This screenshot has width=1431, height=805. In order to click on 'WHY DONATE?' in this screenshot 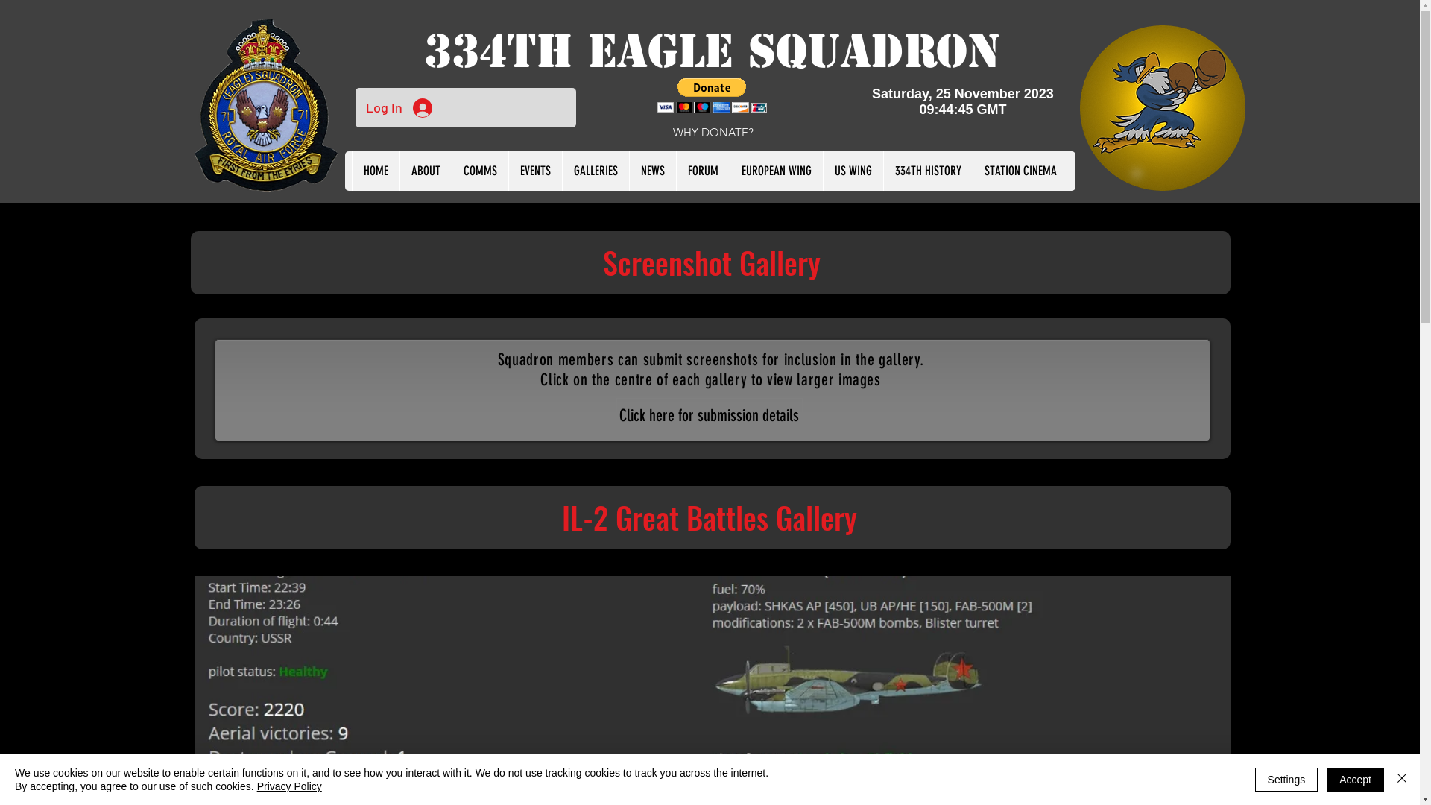, I will do `click(712, 131)`.